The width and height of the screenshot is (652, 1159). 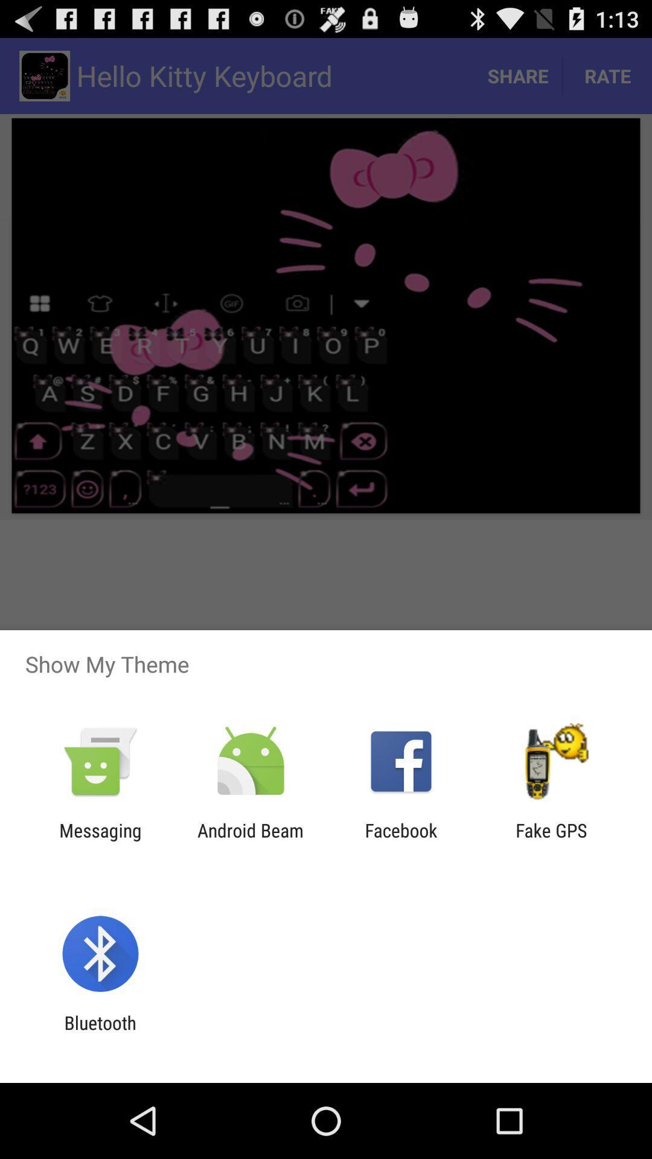 What do you see at coordinates (100, 840) in the screenshot?
I see `the messaging` at bounding box center [100, 840].